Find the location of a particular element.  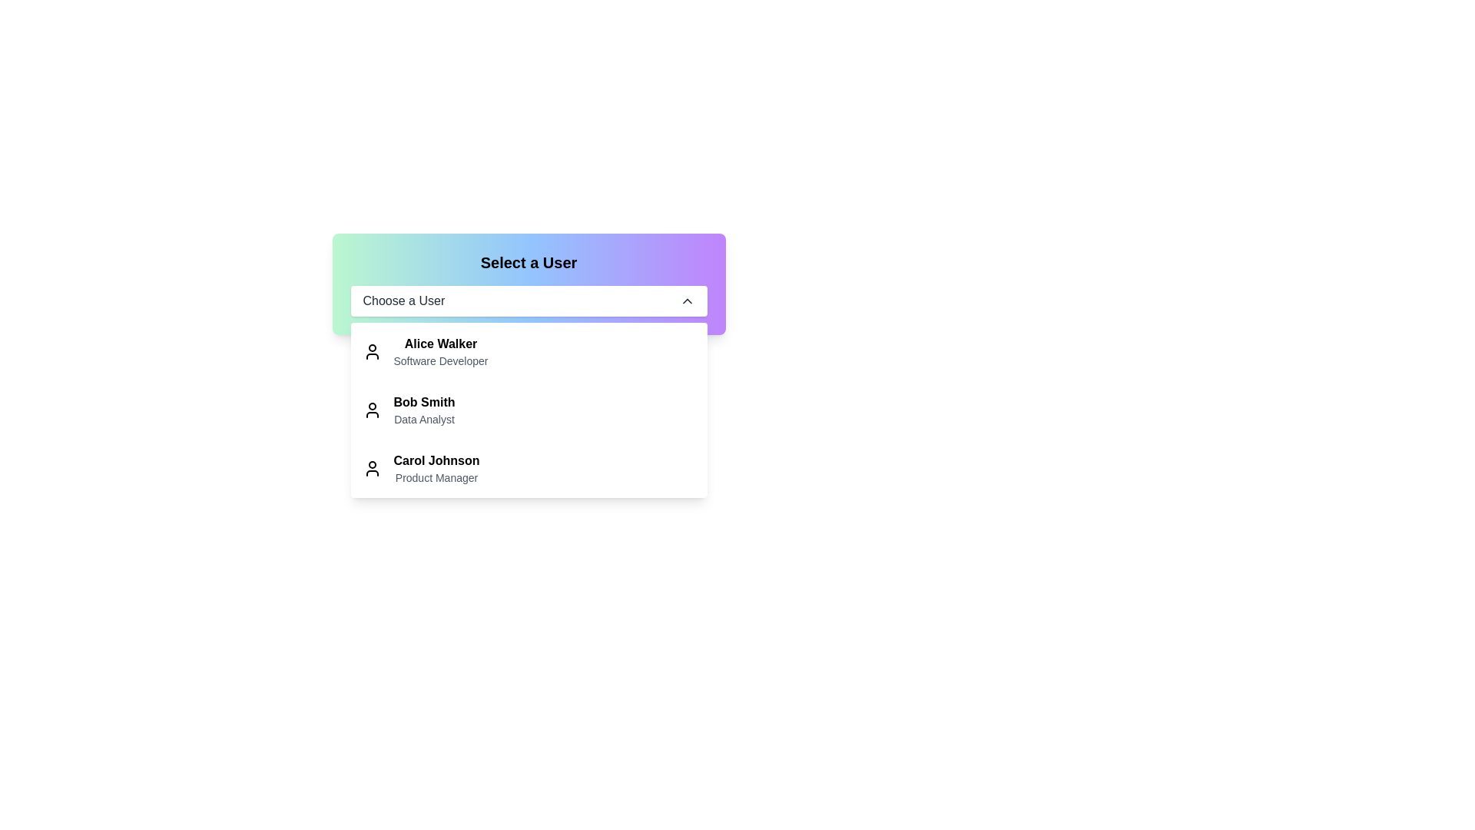

the list item for user 'Bob Smith' identified as 'Data Analyst' in the dropdown list under 'Choose a User' is located at coordinates (529, 409).